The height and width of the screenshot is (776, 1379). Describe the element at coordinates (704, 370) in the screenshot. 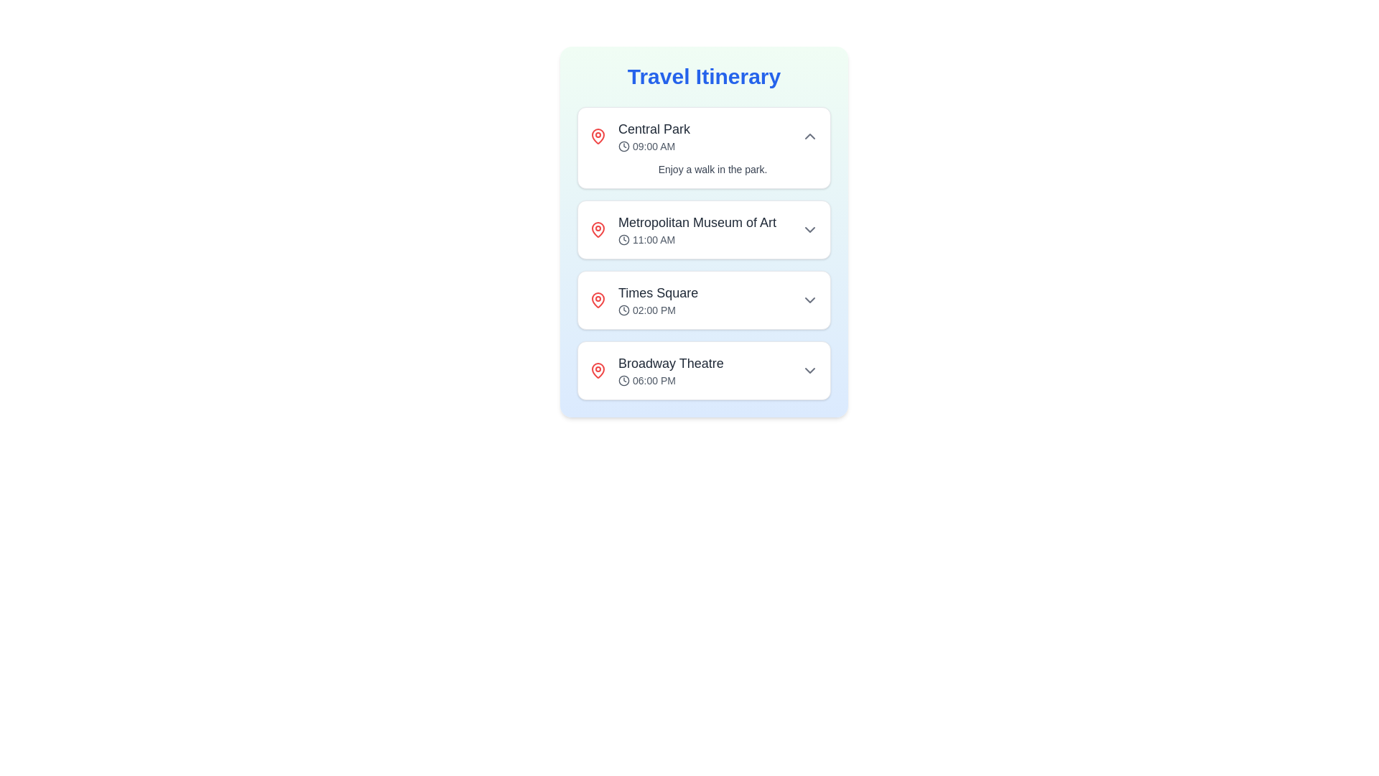

I see `the composite UI element that displays the name and time of an event or location in the travel itinerary` at that location.